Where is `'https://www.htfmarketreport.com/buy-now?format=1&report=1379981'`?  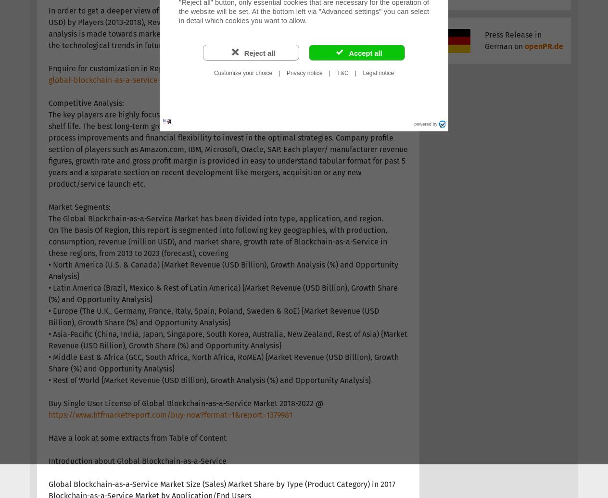
'https://www.htfmarketreport.com/buy-now?format=1&report=1379981' is located at coordinates (170, 414).